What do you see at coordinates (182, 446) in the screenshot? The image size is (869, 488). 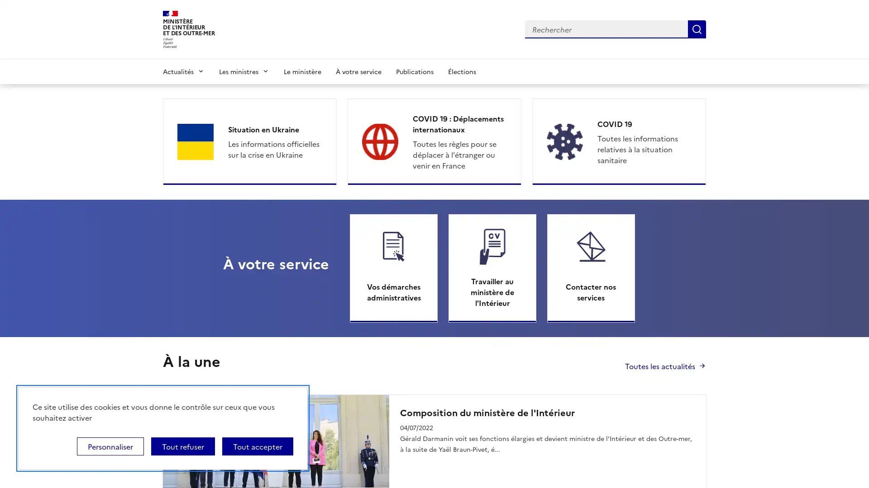 I see `Tout refuser` at bounding box center [182, 446].